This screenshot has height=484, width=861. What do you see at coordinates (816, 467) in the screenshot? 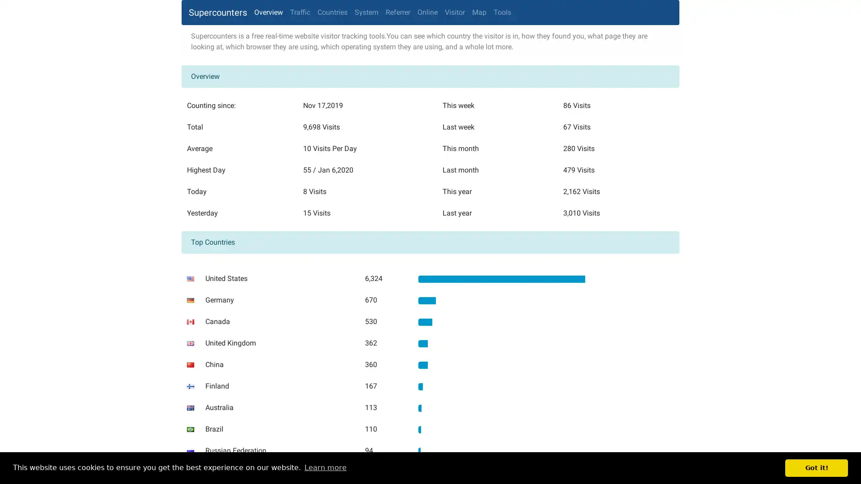
I see `dismiss cookie message` at bounding box center [816, 467].